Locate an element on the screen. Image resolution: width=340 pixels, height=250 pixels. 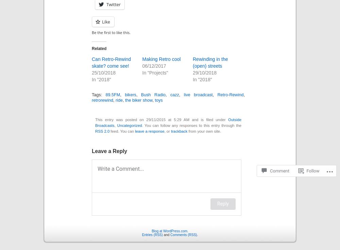
'Entries (RSS)' is located at coordinates (152, 234).